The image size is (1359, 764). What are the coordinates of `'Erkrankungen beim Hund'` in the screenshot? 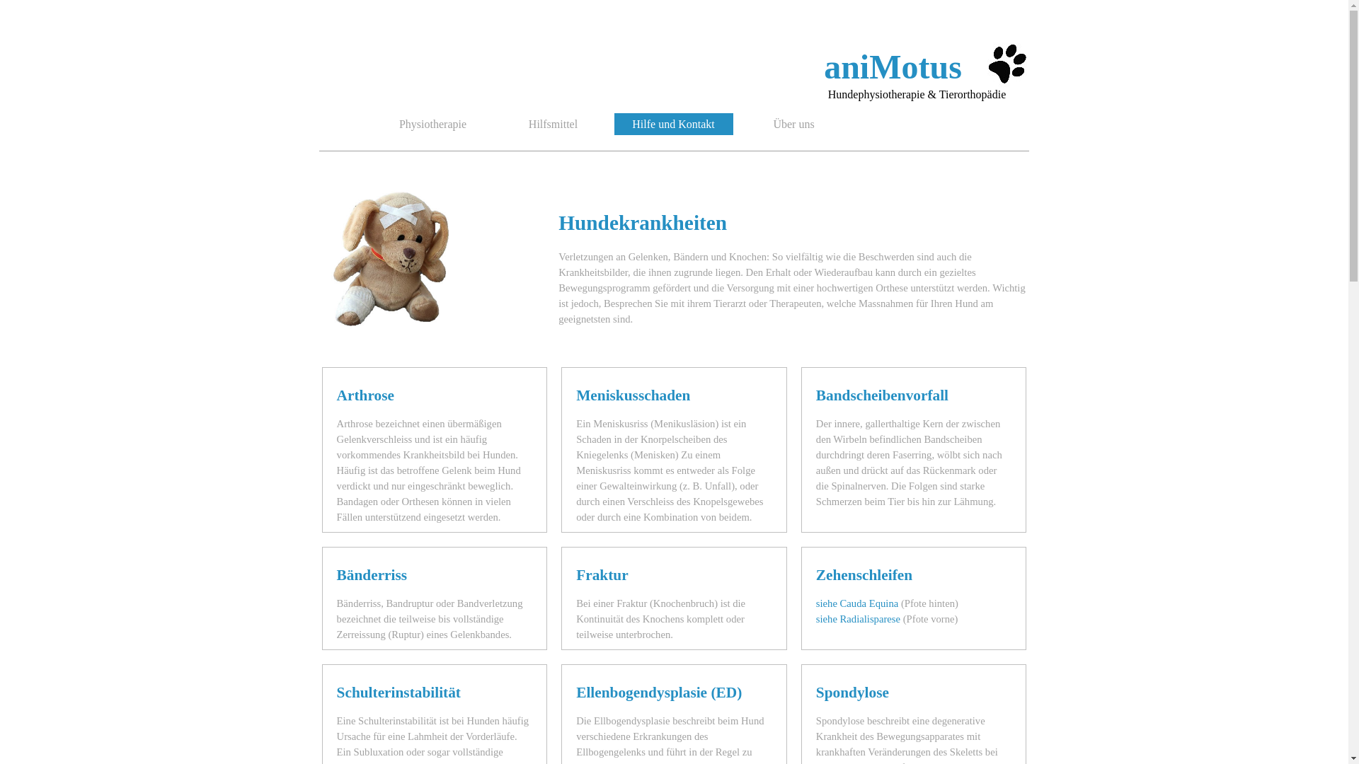 It's located at (394, 256).